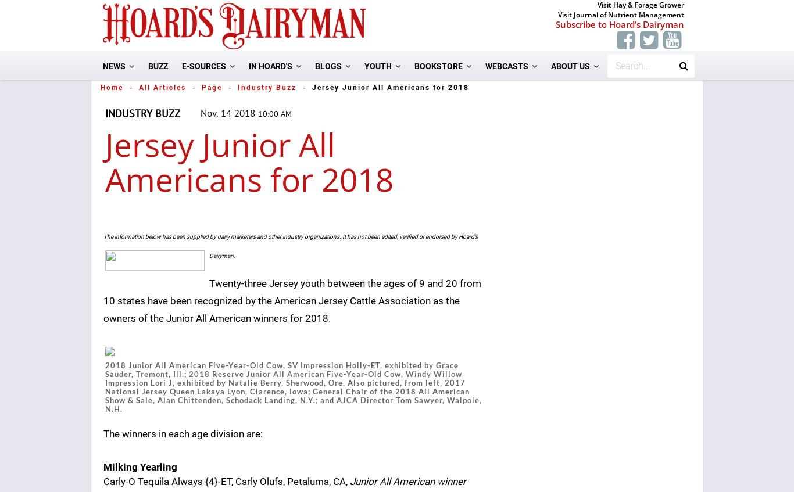 The width and height of the screenshot is (794, 492). I want to click on 'Dairy Policy', so click(219, 228).